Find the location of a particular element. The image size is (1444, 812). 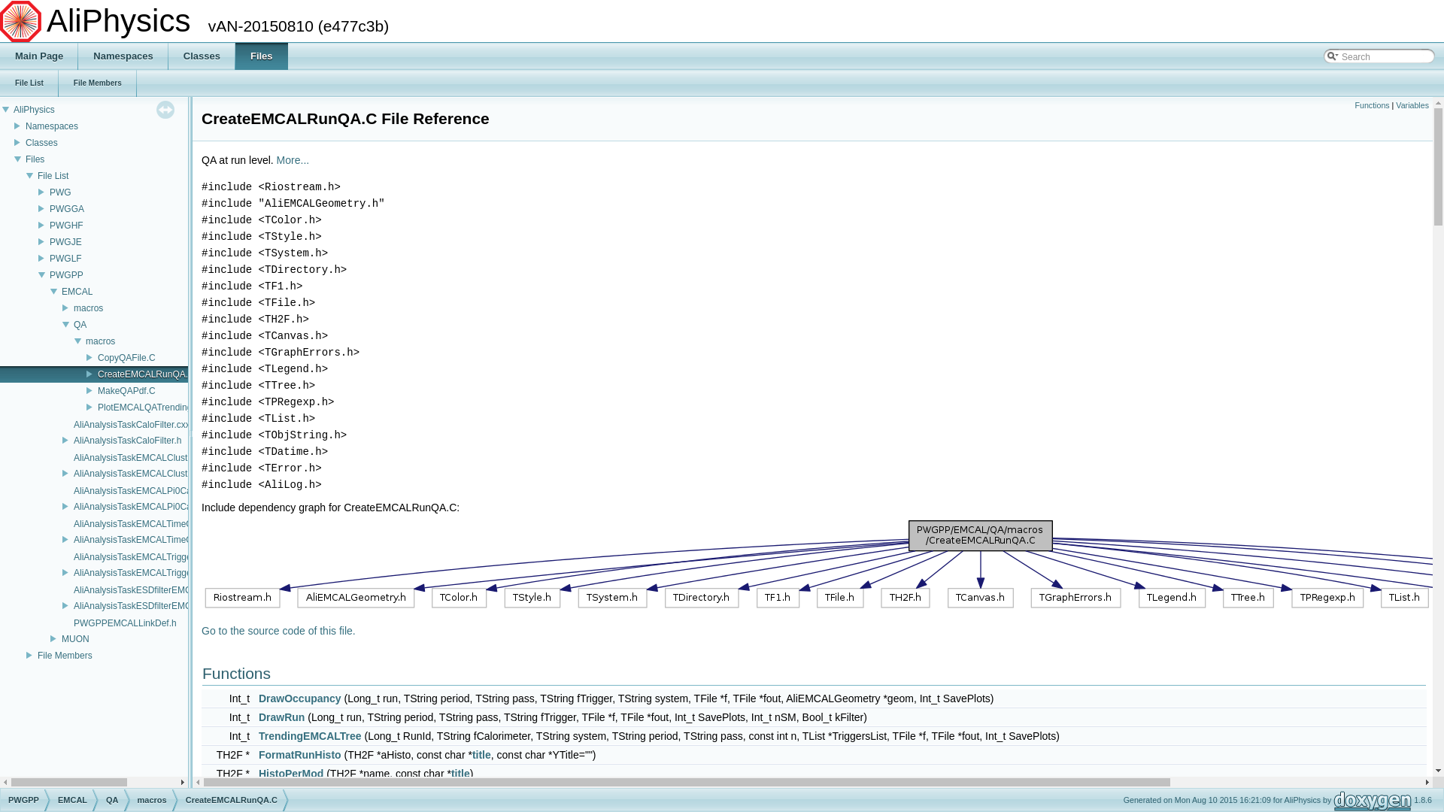

'AliAnalysisTaskEMCALPi0CalibSelection.h' is located at coordinates (159, 507).